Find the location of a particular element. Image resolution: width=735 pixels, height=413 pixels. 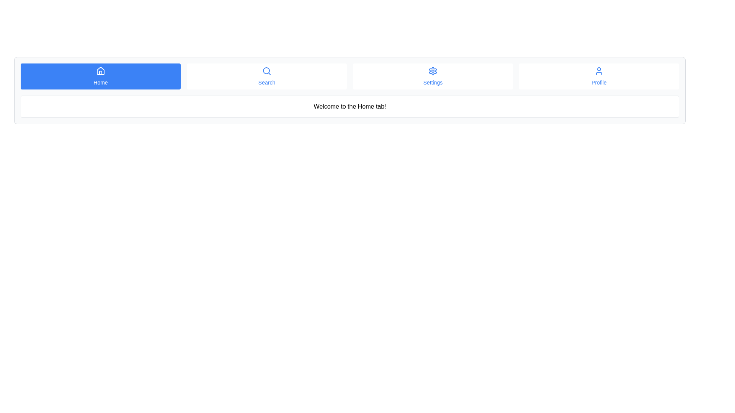

the search button located second from the left in the horizontal navigation bar is located at coordinates (266, 76).